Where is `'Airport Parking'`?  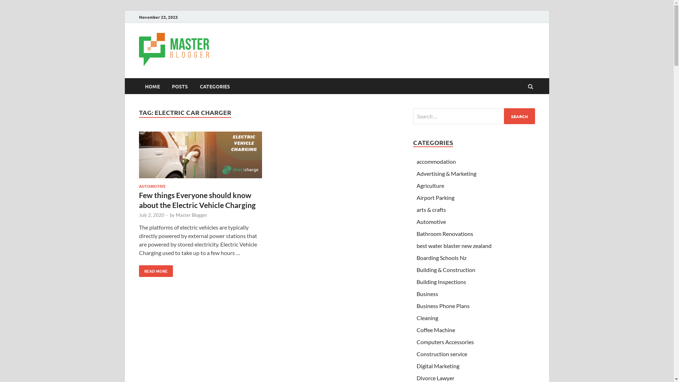 'Airport Parking' is located at coordinates (435, 197).